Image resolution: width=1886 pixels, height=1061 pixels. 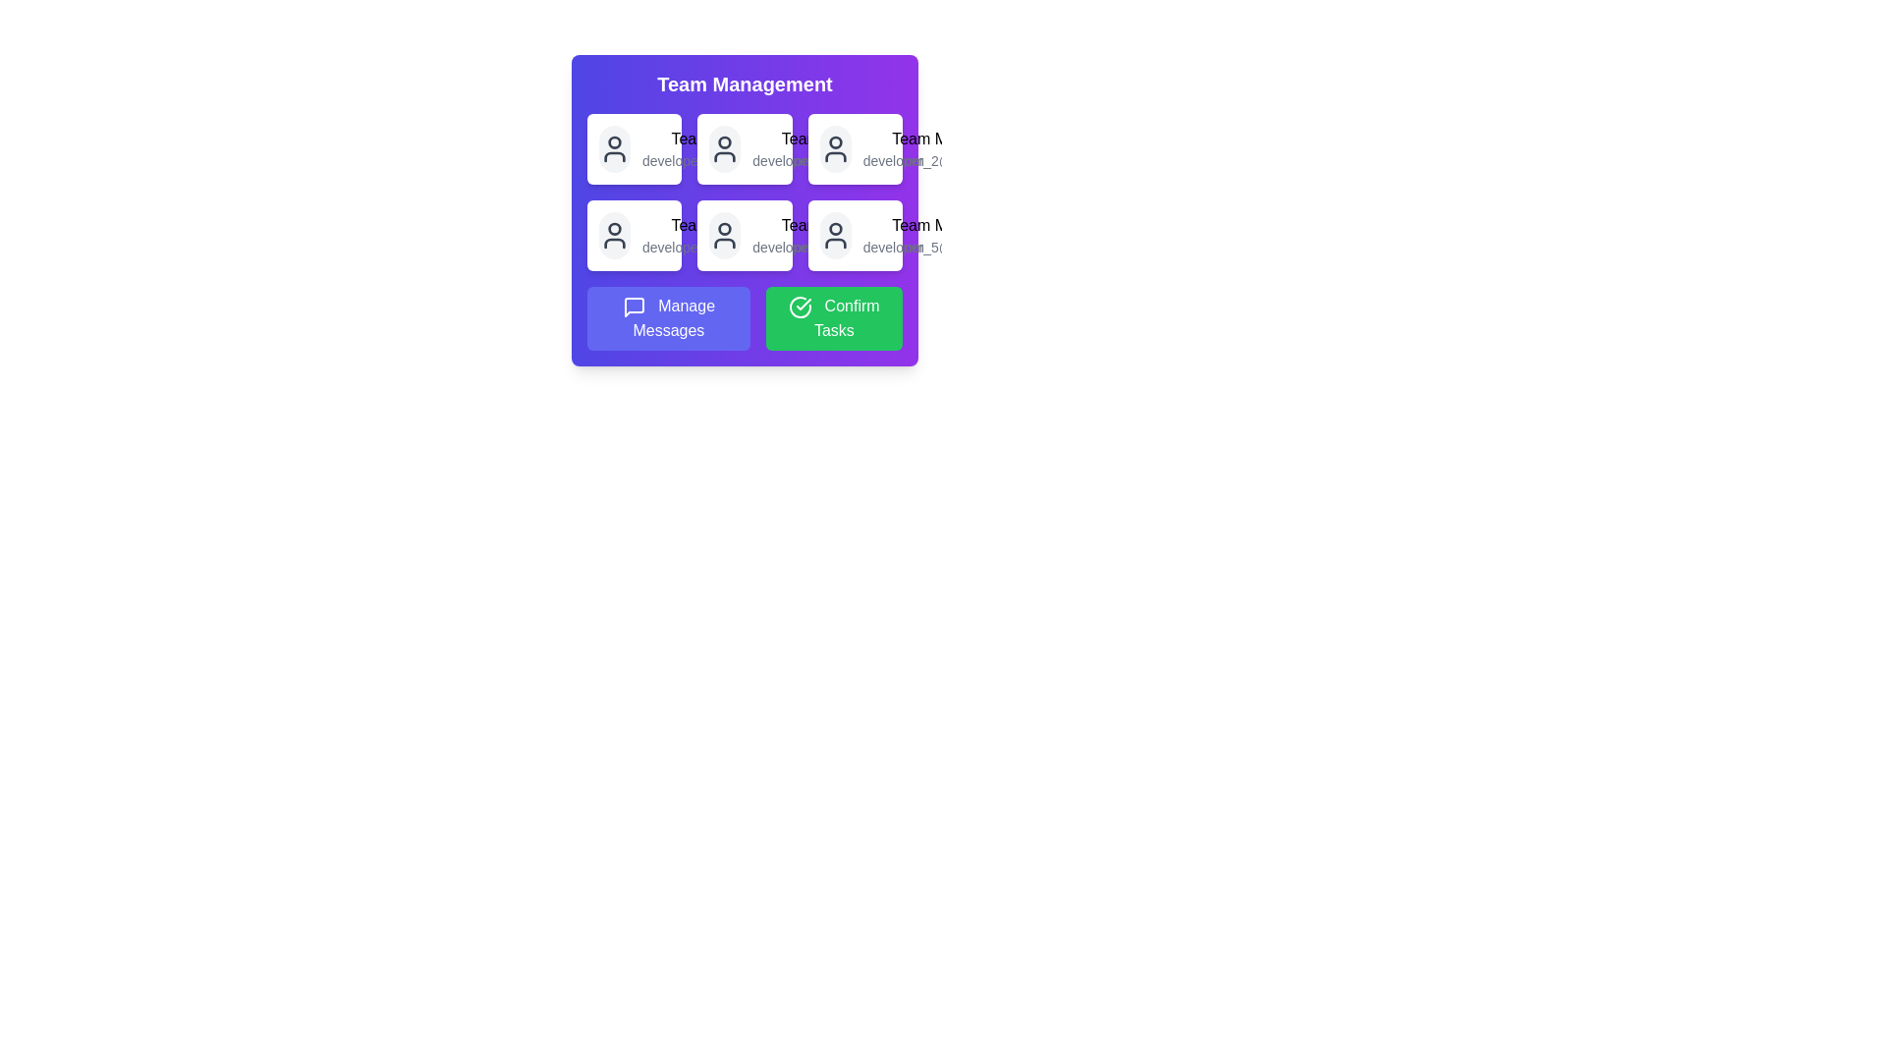 What do you see at coordinates (727, 225) in the screenshot?
I see `the descriptive label identifying the associated team member in the Team Management interface` at bounding box center [727, 225].